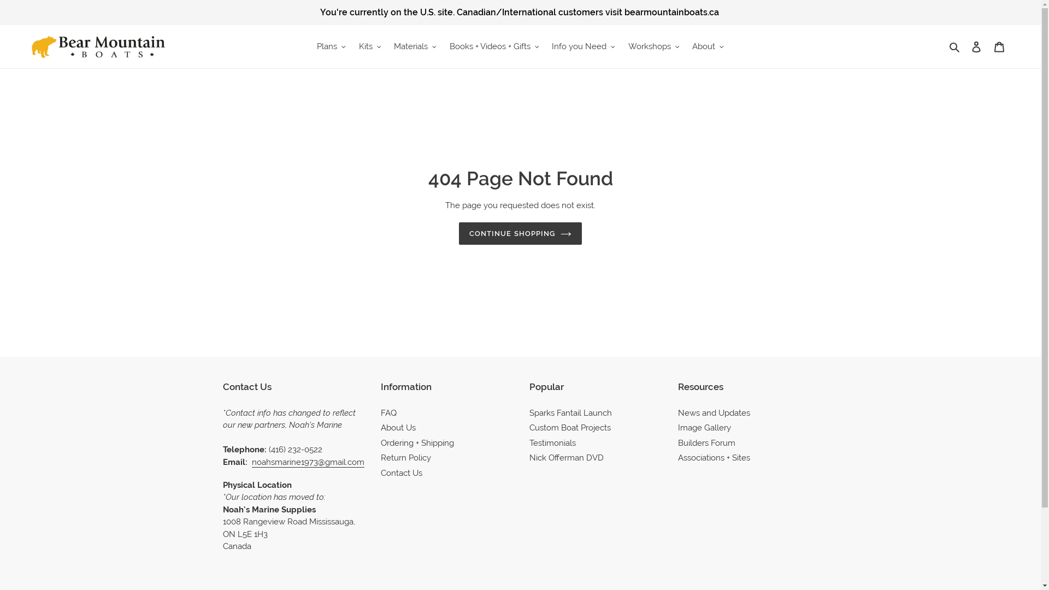 This screenshot has height=590, width=1049. I want to click on 'Sparks Fantail Launch', so click(529, 413).